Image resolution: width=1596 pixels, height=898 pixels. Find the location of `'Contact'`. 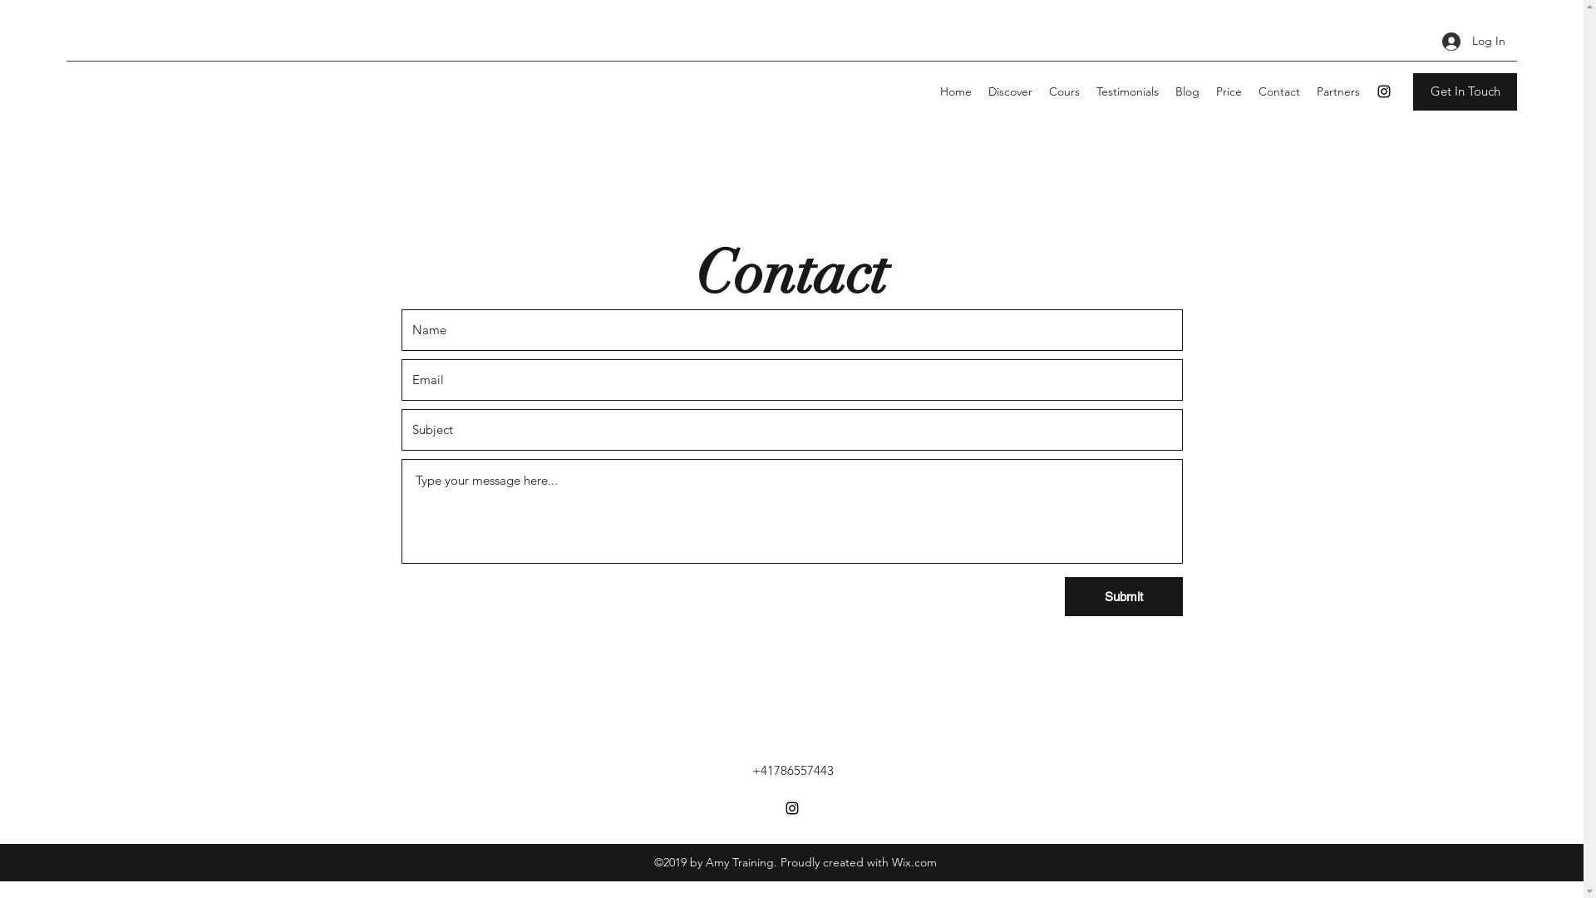

'Contact' is located at coordinates (1278, 91).